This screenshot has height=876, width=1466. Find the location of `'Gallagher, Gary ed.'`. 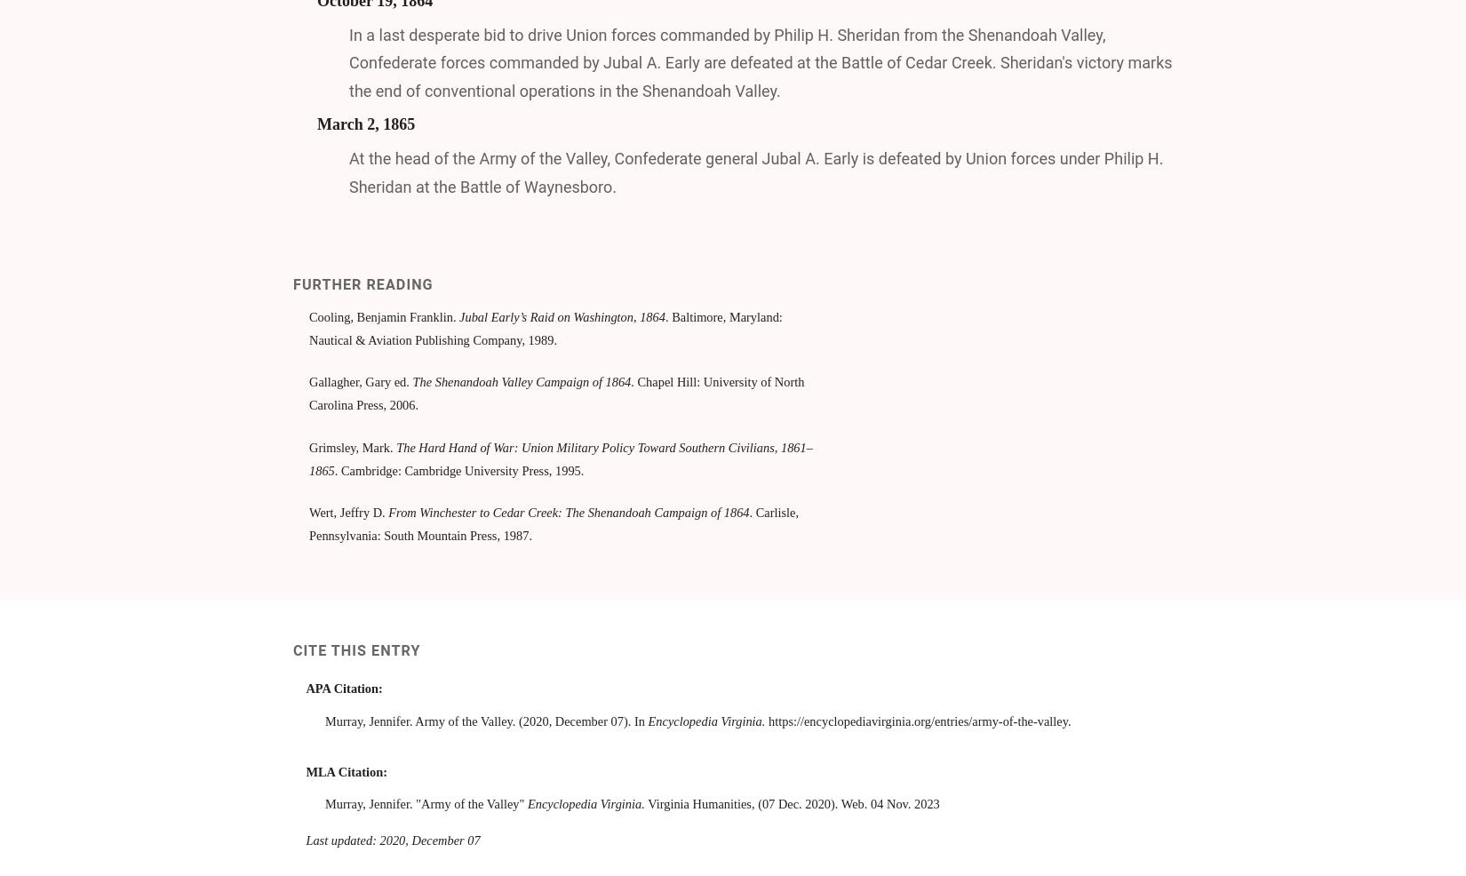

'Gallagher, Gary ed.' is located at coordinates (361, 381).